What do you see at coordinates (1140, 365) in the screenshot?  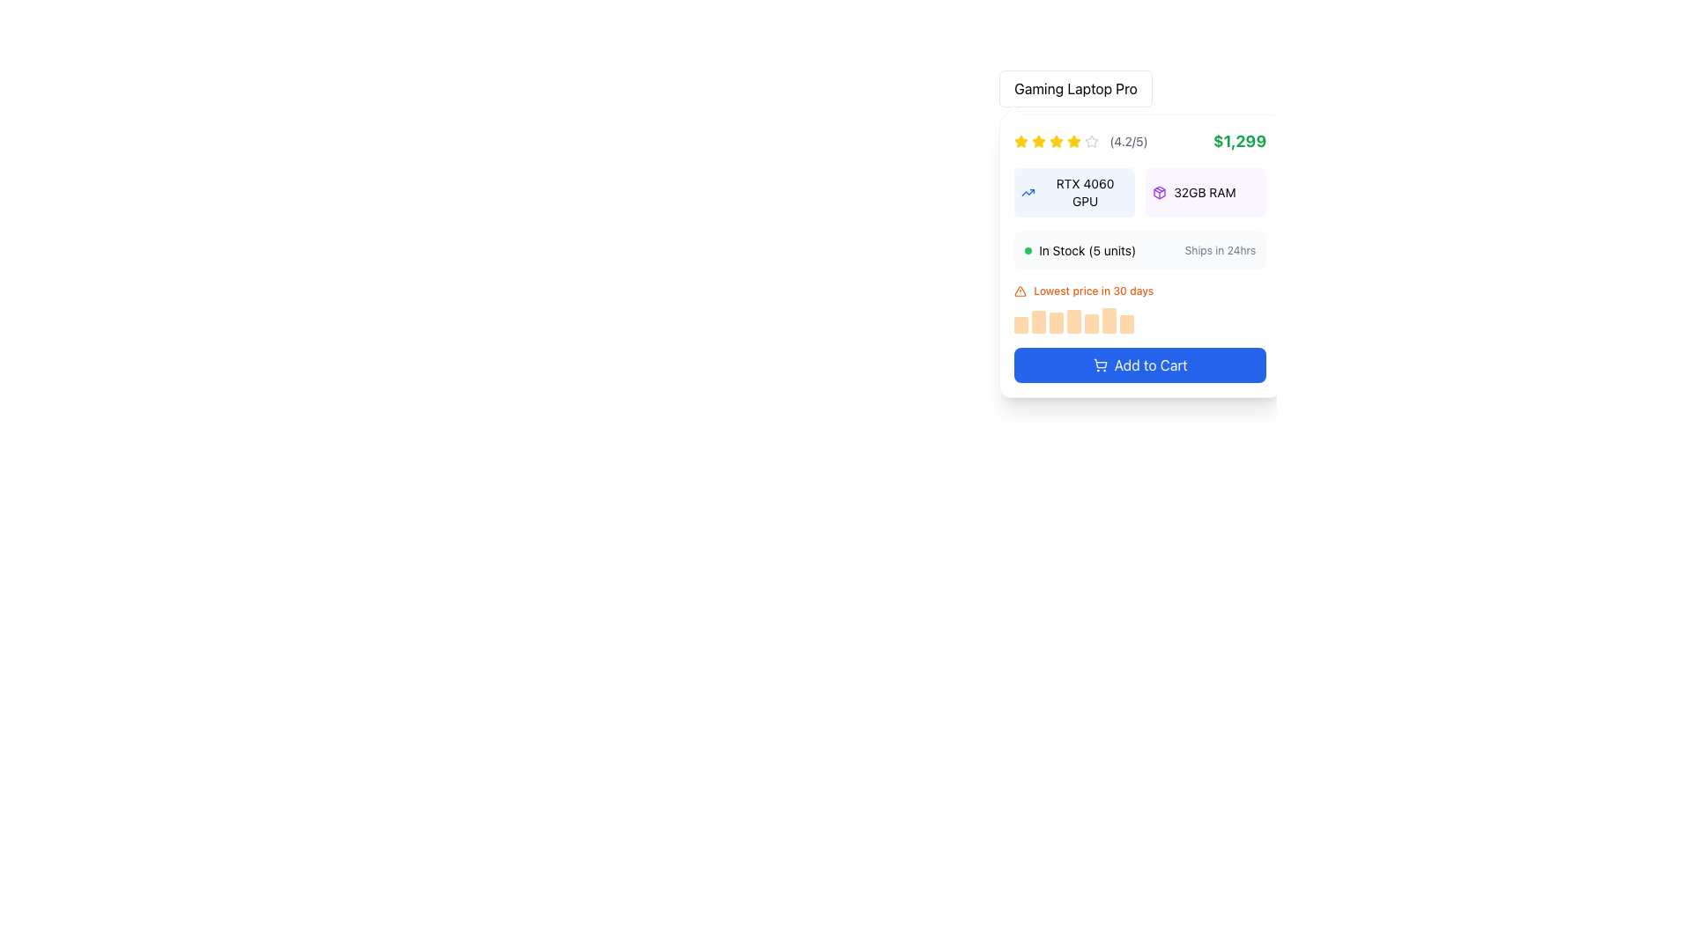 I see `the blue button with rounded edges labeled 'Add to Cart'` at bounding box center [1140, 365].